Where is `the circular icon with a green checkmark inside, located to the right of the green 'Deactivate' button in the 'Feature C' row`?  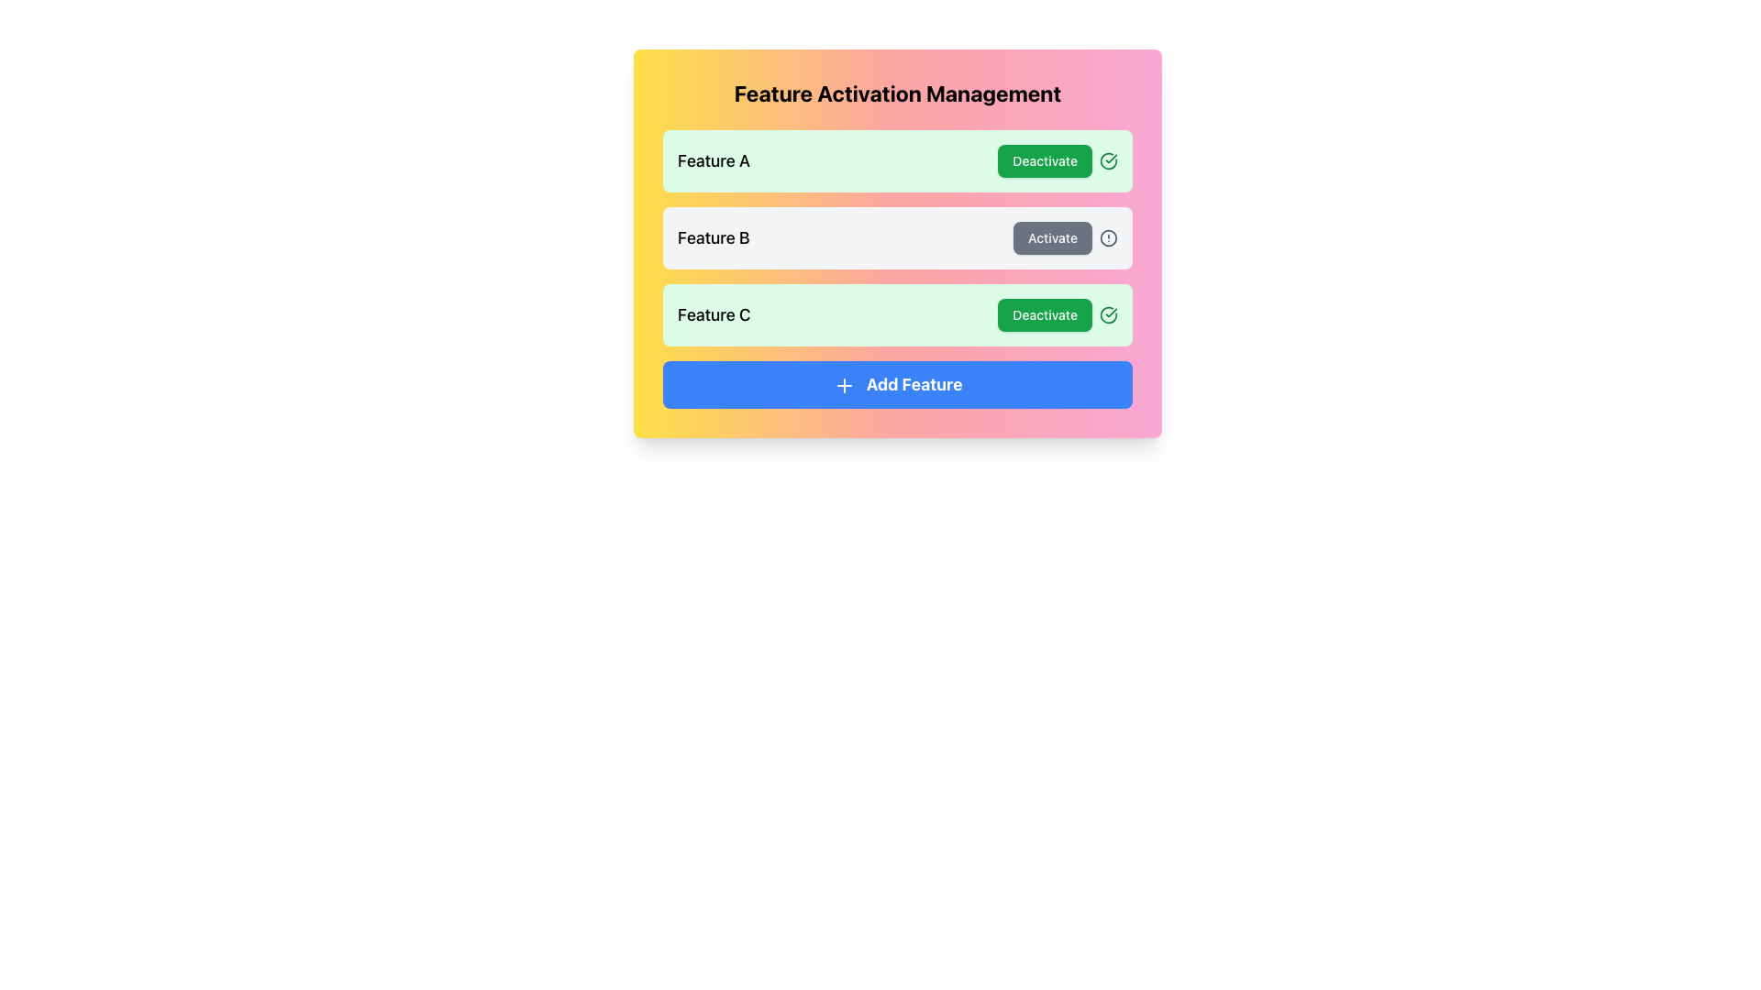
the circular icon with a green checkmark inside, located to the right of the green 'Deactivate' button in the 'Feature C' row is located at coordinates (1108, 313).